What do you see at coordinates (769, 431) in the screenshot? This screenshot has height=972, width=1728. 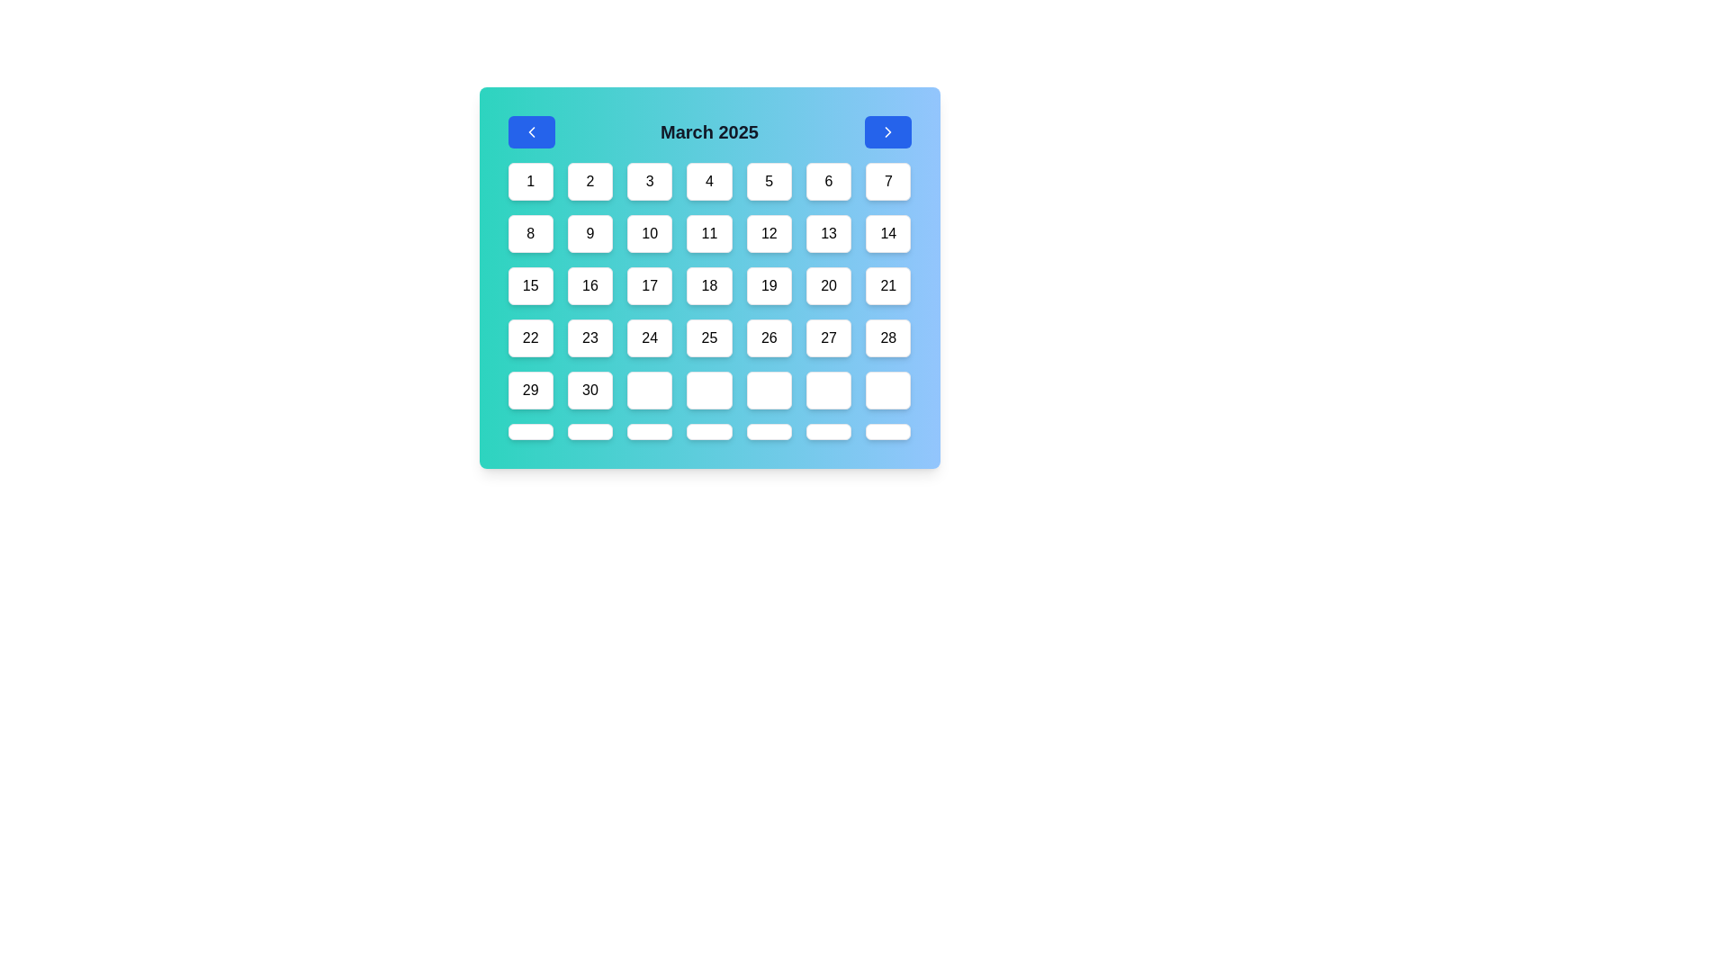 I see `the placeholder element located in the last row and fifth column of a 7-column grid, which serves as a non-interactive grid cell` at bounding box center [769, 431].